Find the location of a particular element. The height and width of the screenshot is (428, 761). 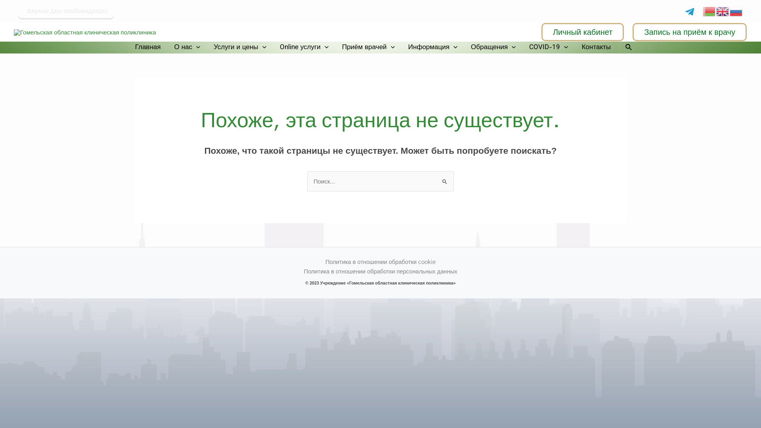

'English' is located at coordinates (723, 10).